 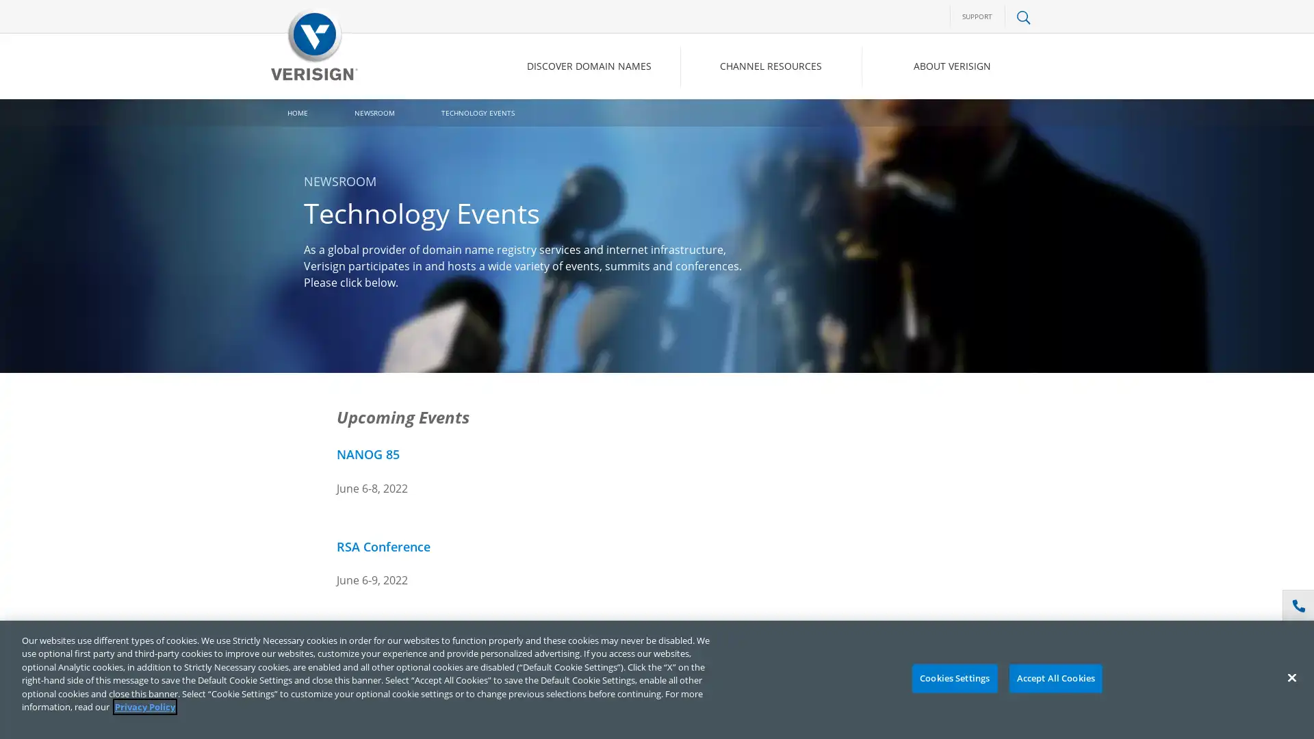 I want to click on Close, so click(x=1291, y=677).